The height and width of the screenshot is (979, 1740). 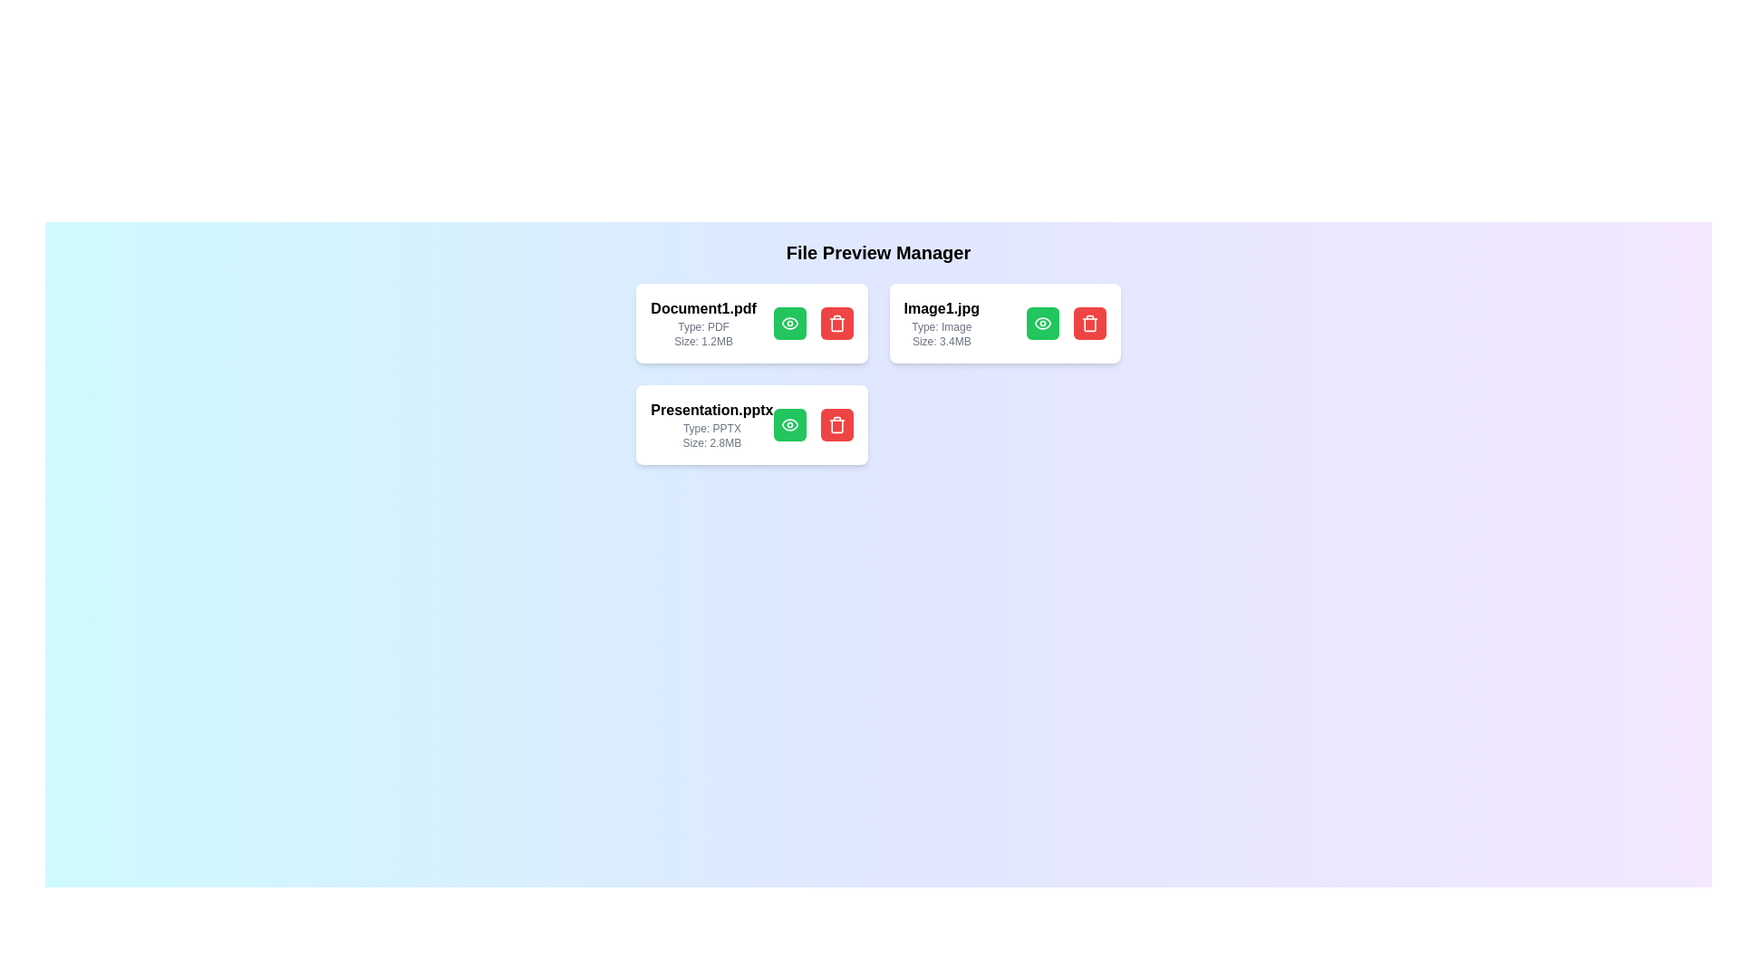 What do you see at coordinates (702, 307) in the screenshot?
I see `text of the label displaying the filename 'Document1.pdf', which is positioned at the top of a file information card in the top-left quadrant of the interface` at bounding box center [702, 307].